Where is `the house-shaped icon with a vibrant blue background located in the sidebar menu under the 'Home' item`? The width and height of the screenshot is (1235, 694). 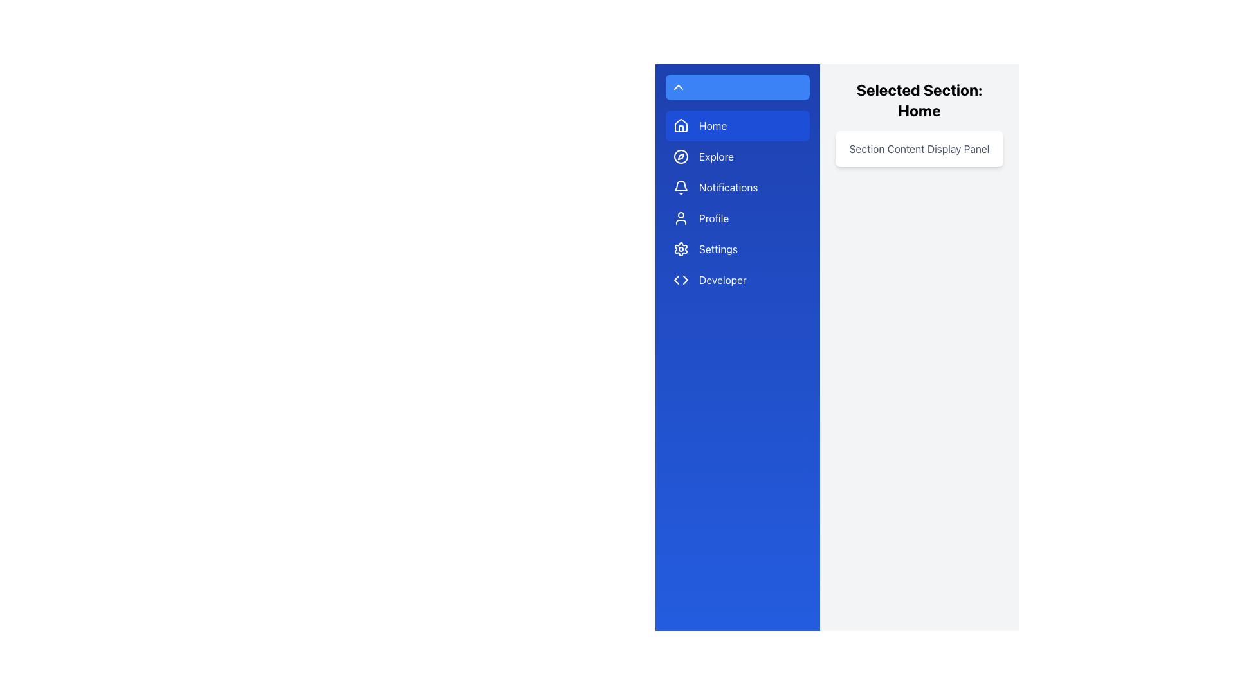 the house-shaped icon with a vibrant blue background located in the sidebar menu under the 'Home' item is located at coordinates (681, 126).